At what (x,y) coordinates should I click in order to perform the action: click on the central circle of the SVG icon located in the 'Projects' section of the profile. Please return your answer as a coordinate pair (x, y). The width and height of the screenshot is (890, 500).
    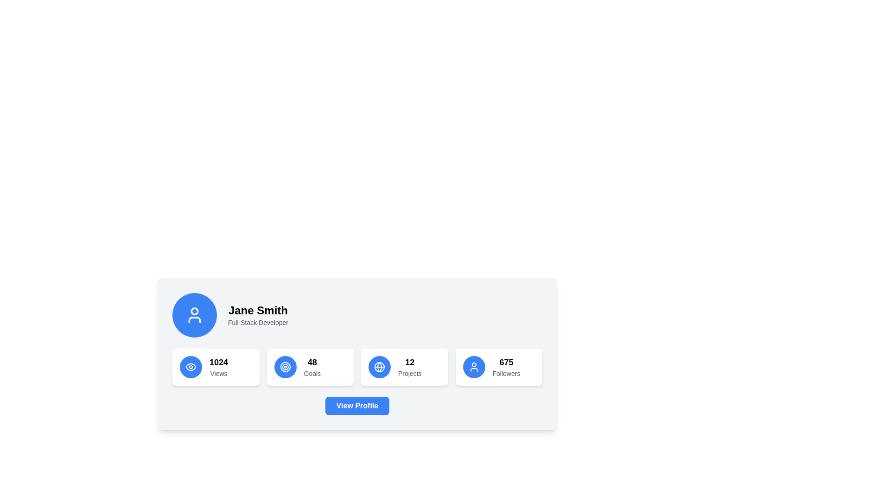
    Looking at the image, I should click on (380, 367).